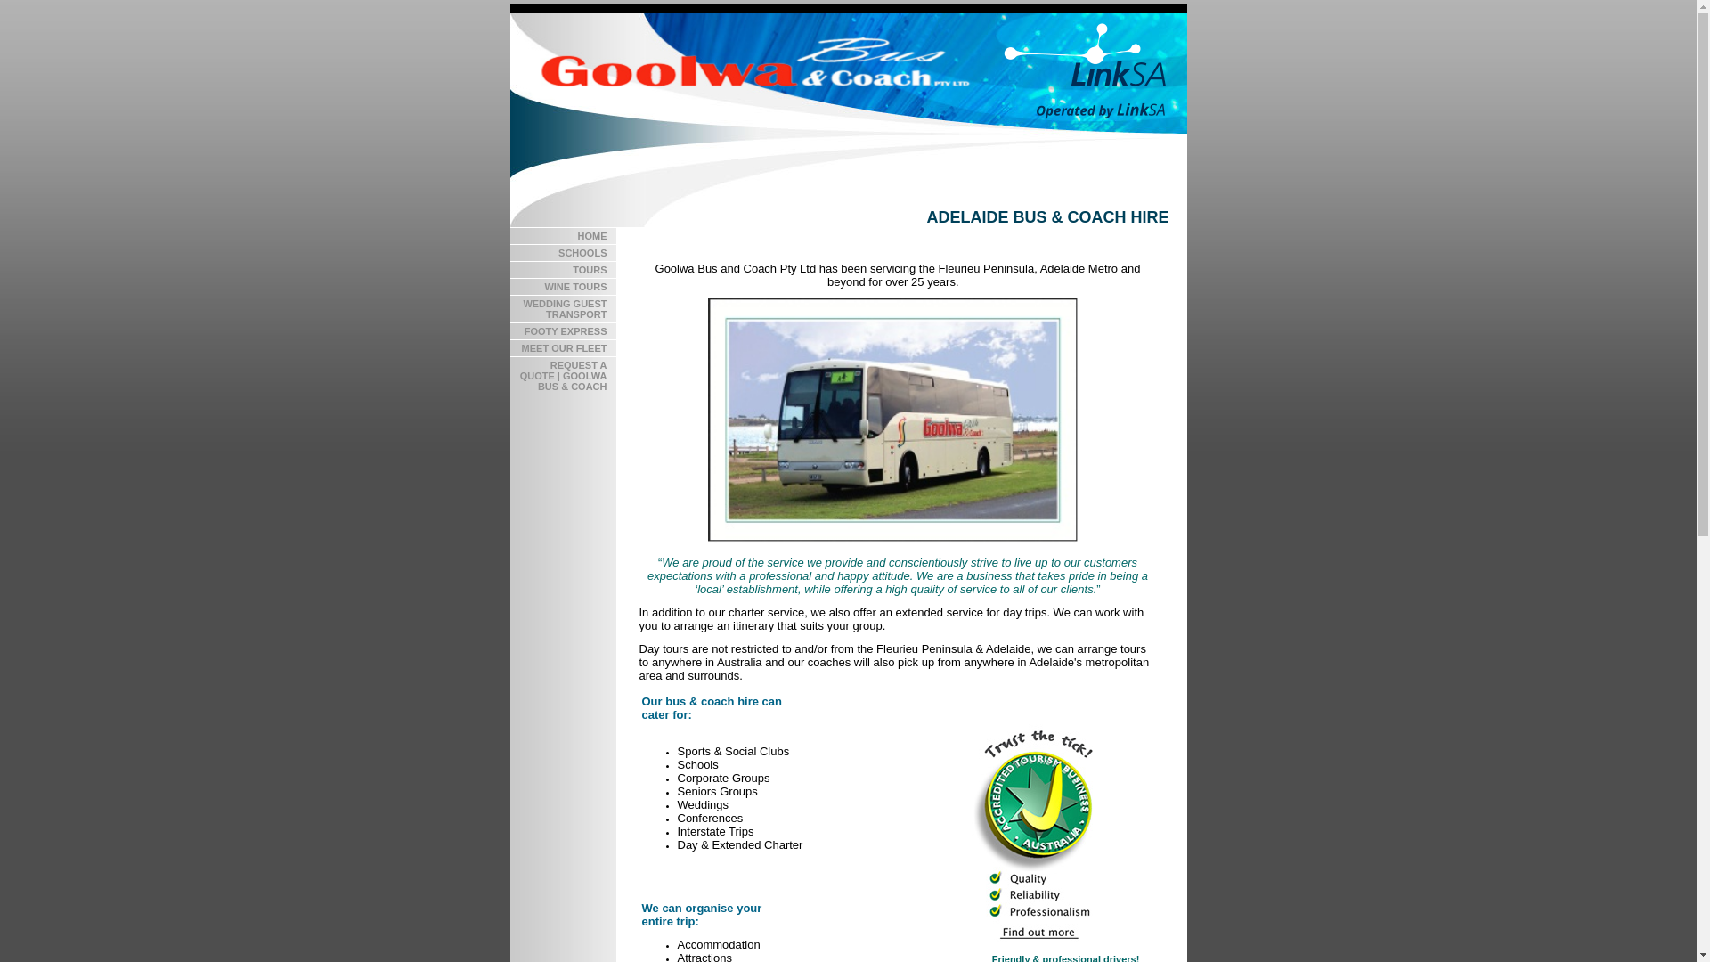  What do you see at coordinates (561, 235) in the screenshot?
I see `'HOME'` at bounding box center [561, 235].